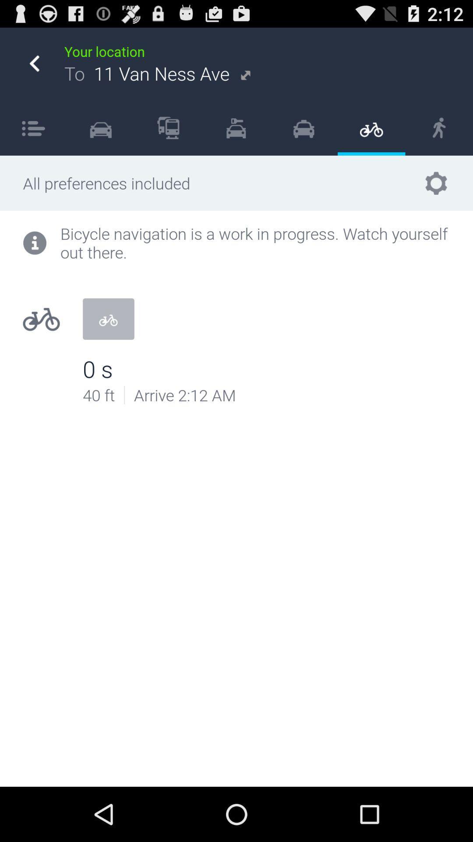 The height and width of the screenshot is (842, 473). I want to click on the icon below bicycle navigation is icon, so click(108, 318).